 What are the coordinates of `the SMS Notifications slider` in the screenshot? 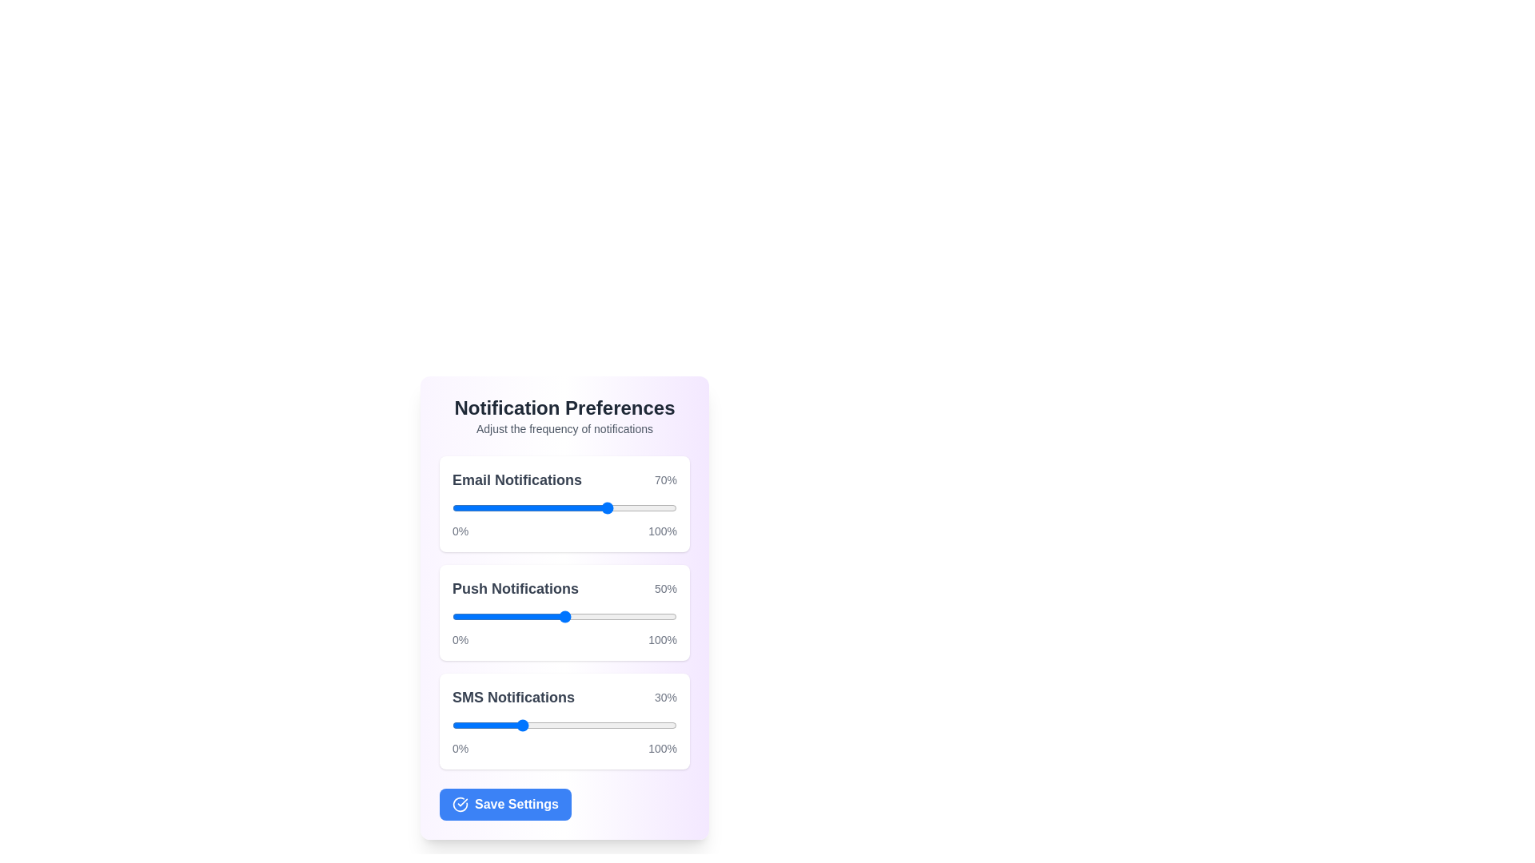 It's located at (567, 725).